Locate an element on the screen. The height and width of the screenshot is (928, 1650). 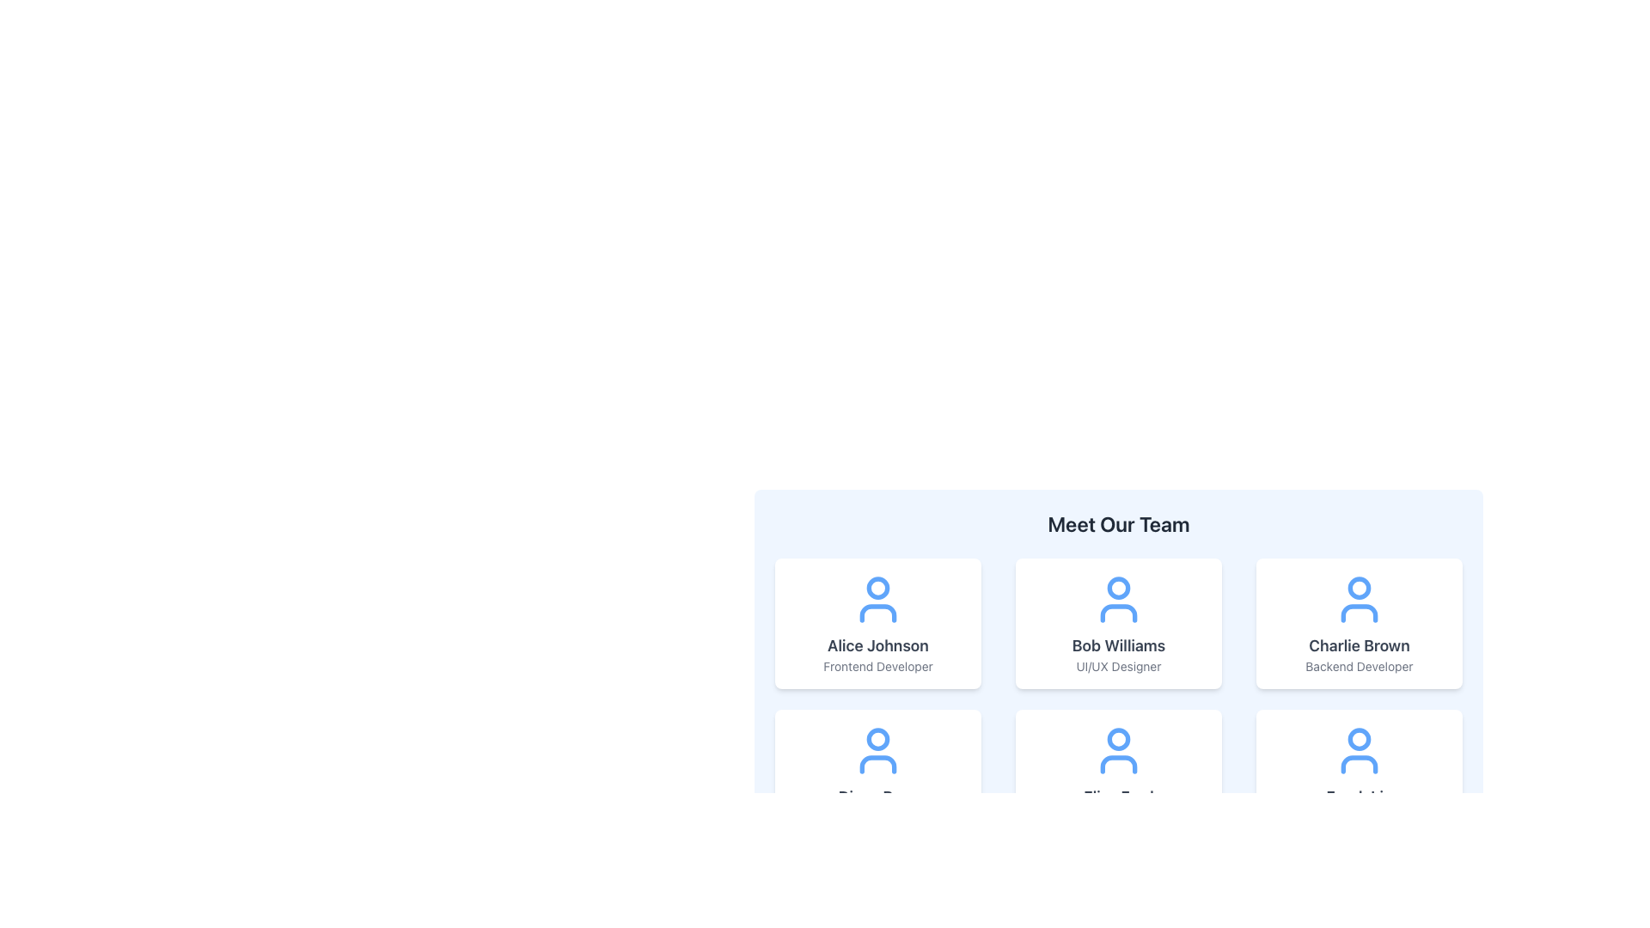
the user icon, which is a circular head and semi-circular body outline styled in blue, located at the top center of the team member details card is located at coordinates (878, 750).